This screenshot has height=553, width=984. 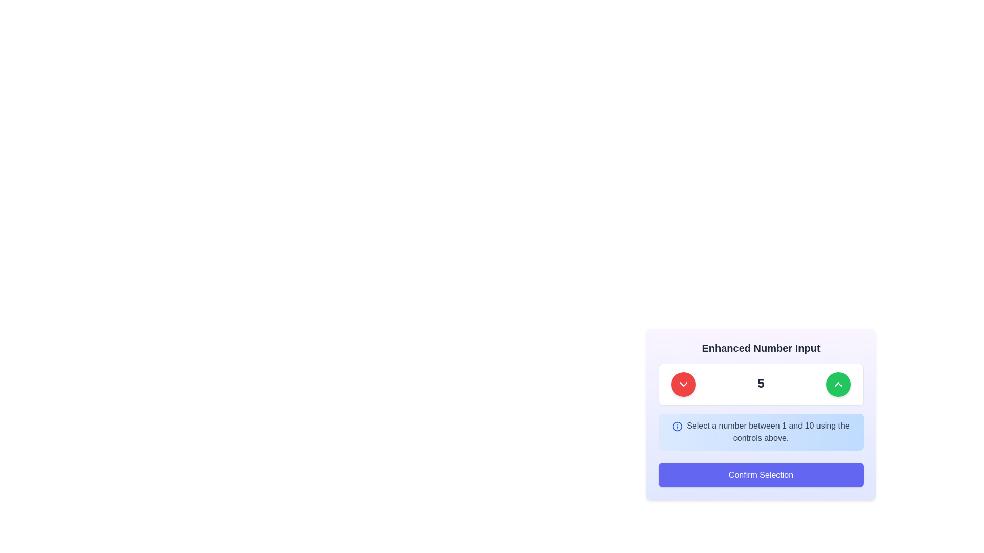 I want to click on the circular graphic element with a blue outline that is part of an information icon, so click(x=678, y=426).